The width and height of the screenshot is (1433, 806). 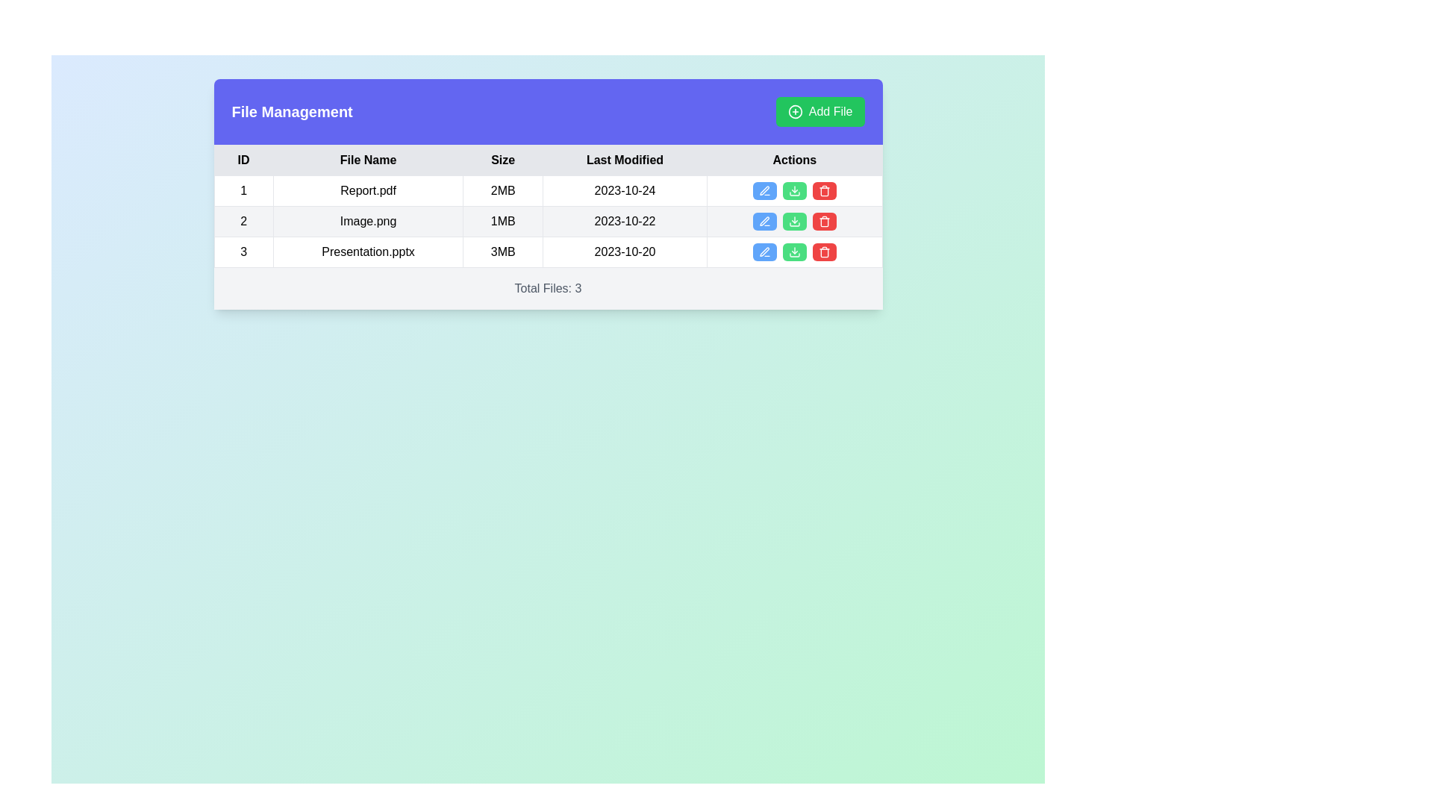 I want to click on the table cell containing the text '2', which is located in the first column labeled 'ID' and is the second row below the header row, so click(x=243, y=222).